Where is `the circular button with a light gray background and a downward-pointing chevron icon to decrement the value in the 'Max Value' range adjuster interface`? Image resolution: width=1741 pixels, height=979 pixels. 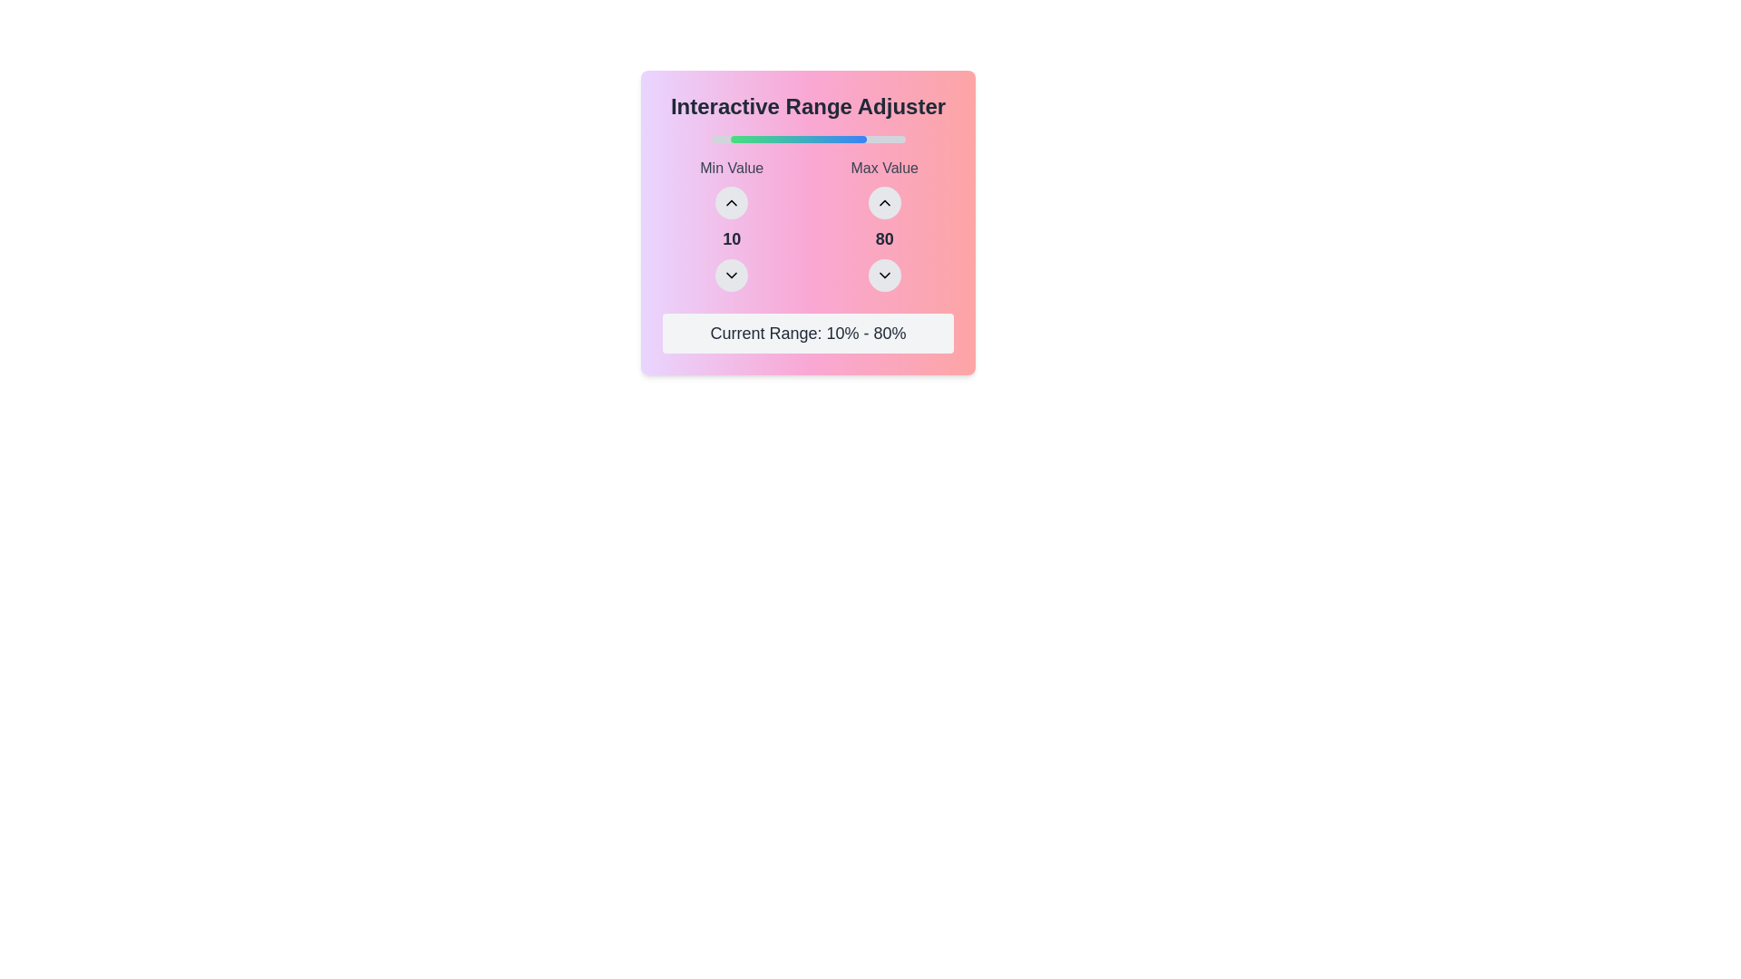
the circular button with a light gray background and a downward-pointing chevron icon to decrement the value in the 'Max Value' range adjuster interface is located at coordinates (884, 276).